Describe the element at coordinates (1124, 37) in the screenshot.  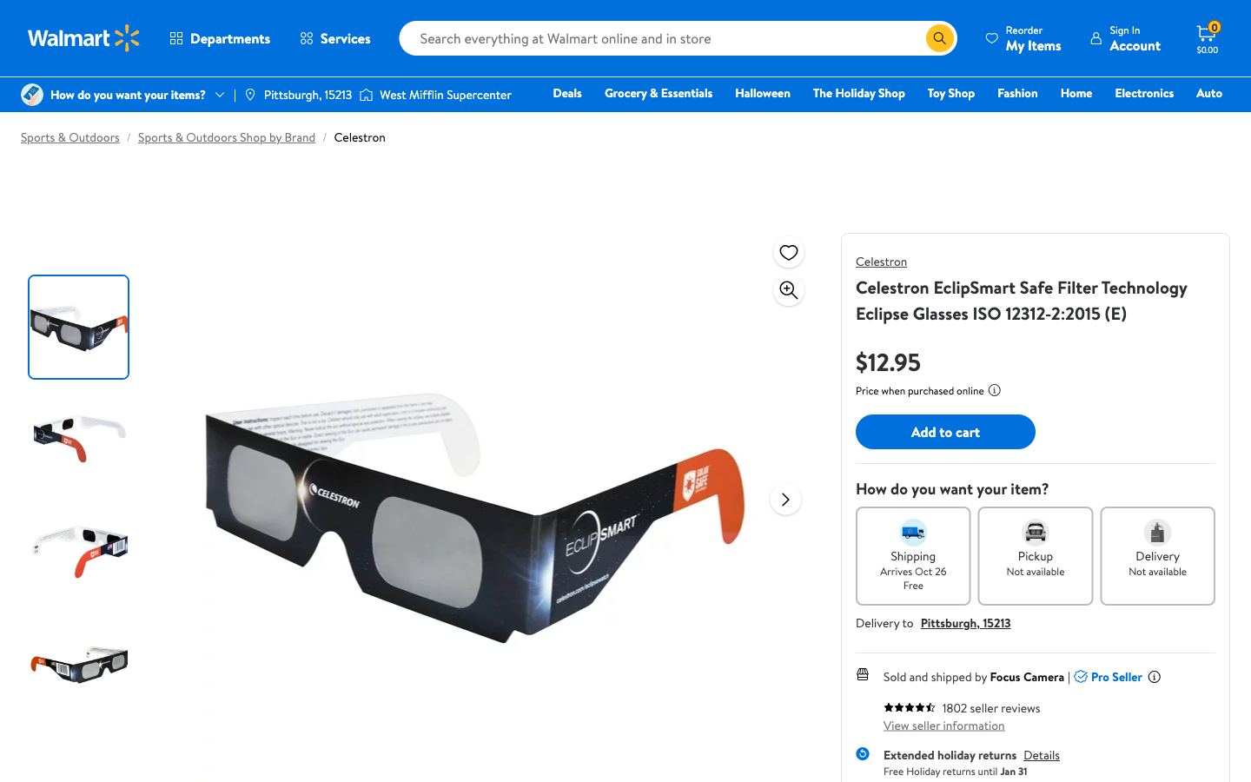
I see `the registration page` at that location.